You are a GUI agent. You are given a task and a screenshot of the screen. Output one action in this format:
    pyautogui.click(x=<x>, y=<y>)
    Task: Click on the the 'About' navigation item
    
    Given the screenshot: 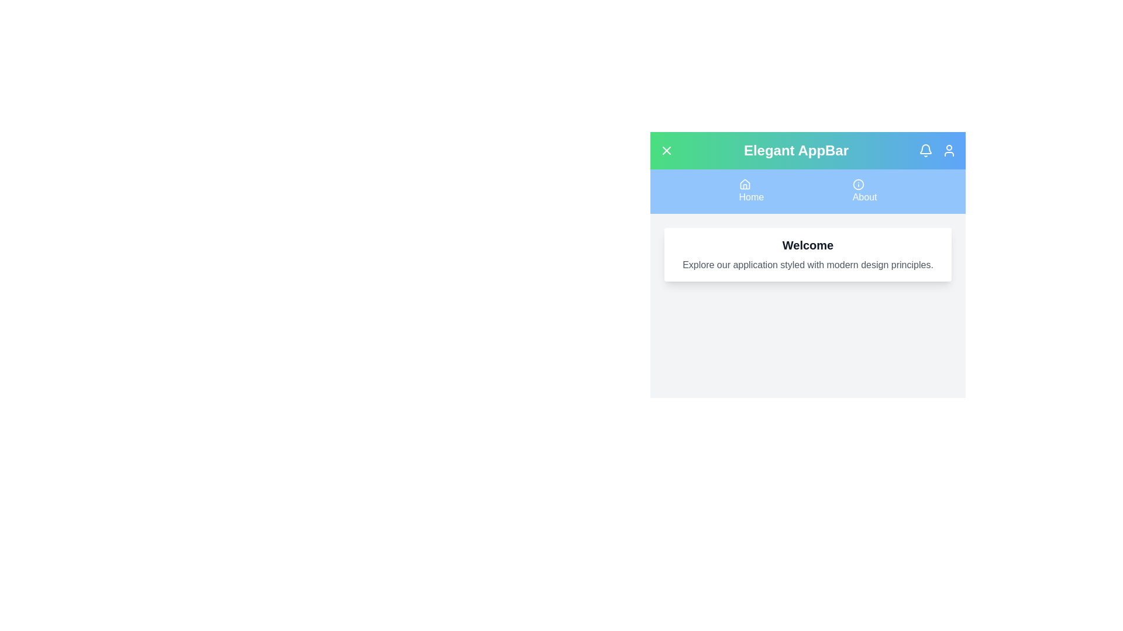 What is the action you would take?
    pyautogui.click(x=864, y=190)
    